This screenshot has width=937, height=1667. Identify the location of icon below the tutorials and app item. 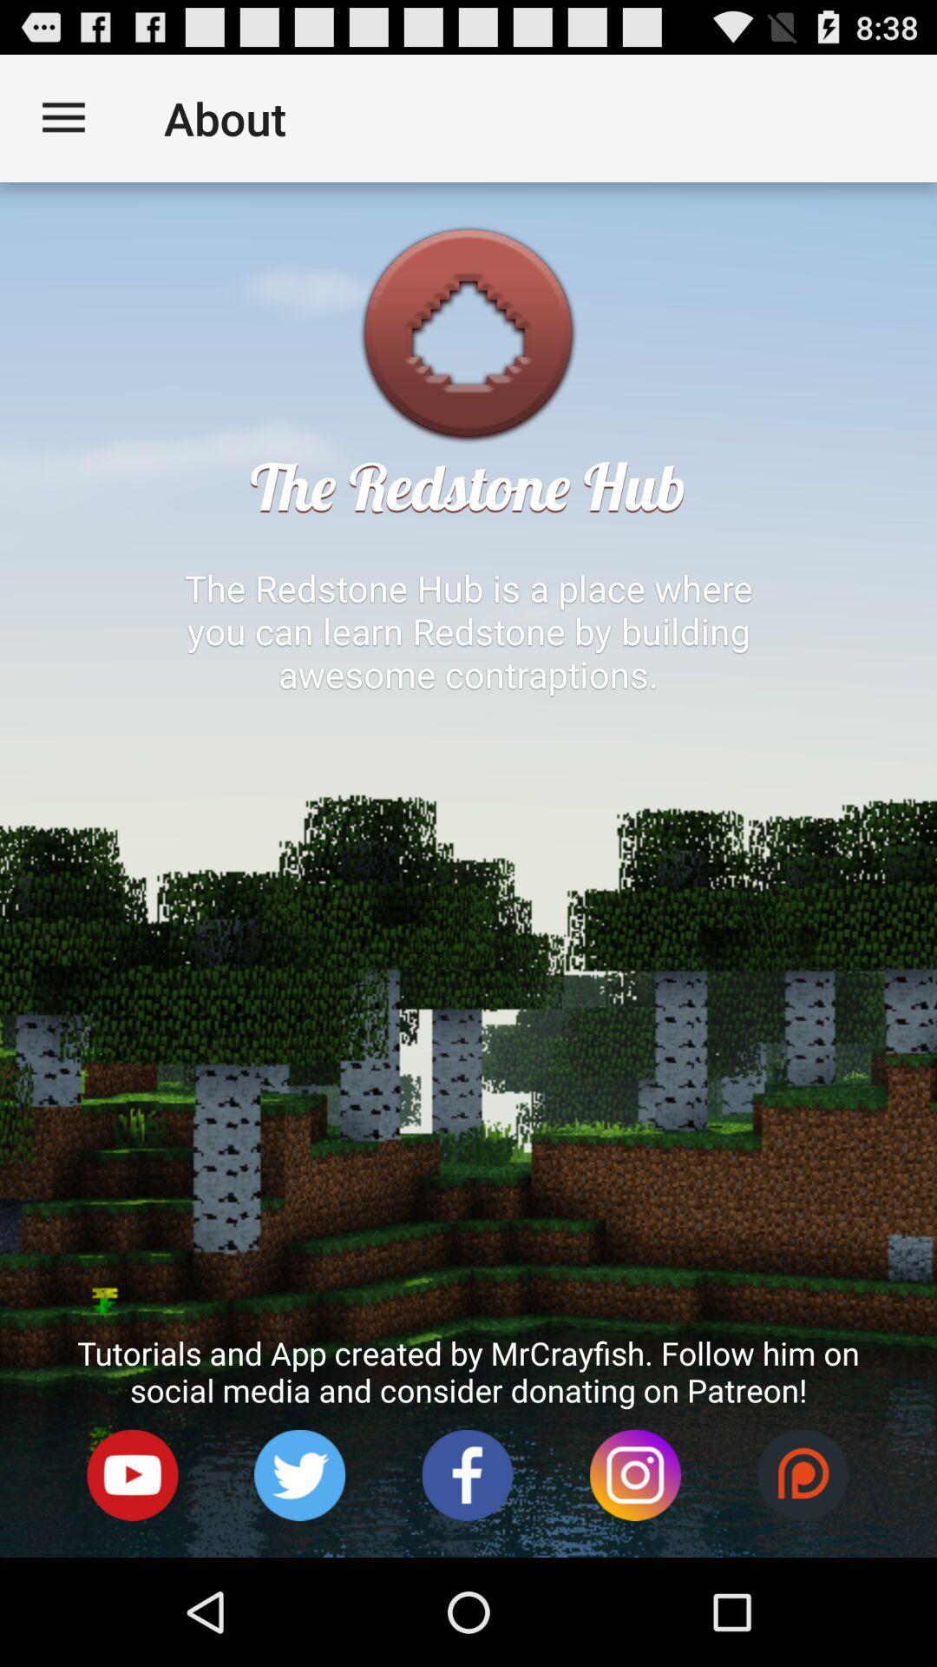
(803, 1474).